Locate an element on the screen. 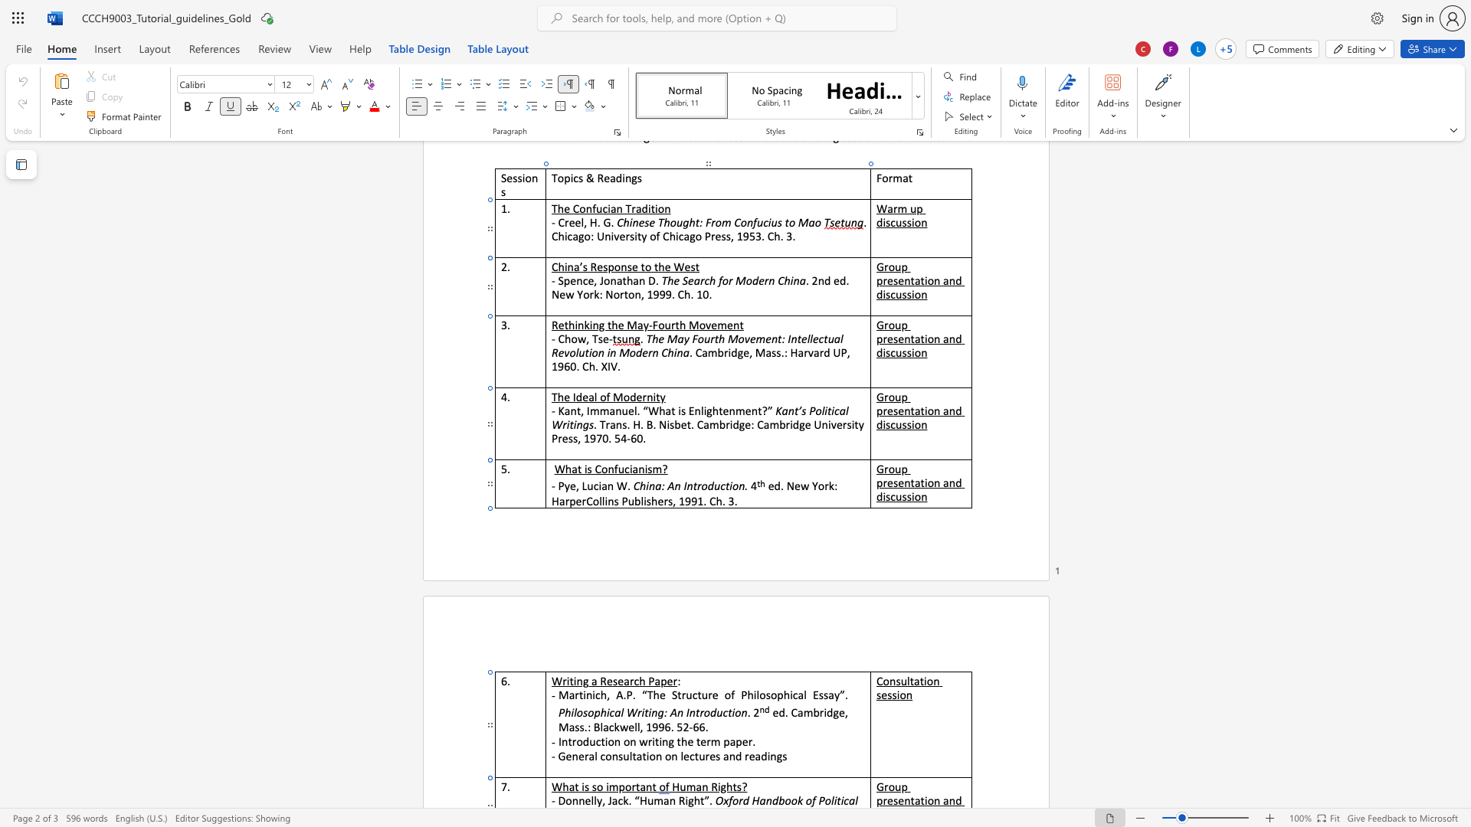  the space between the continuous character "o" and "s" in the text is located at coordinates (582, 712).